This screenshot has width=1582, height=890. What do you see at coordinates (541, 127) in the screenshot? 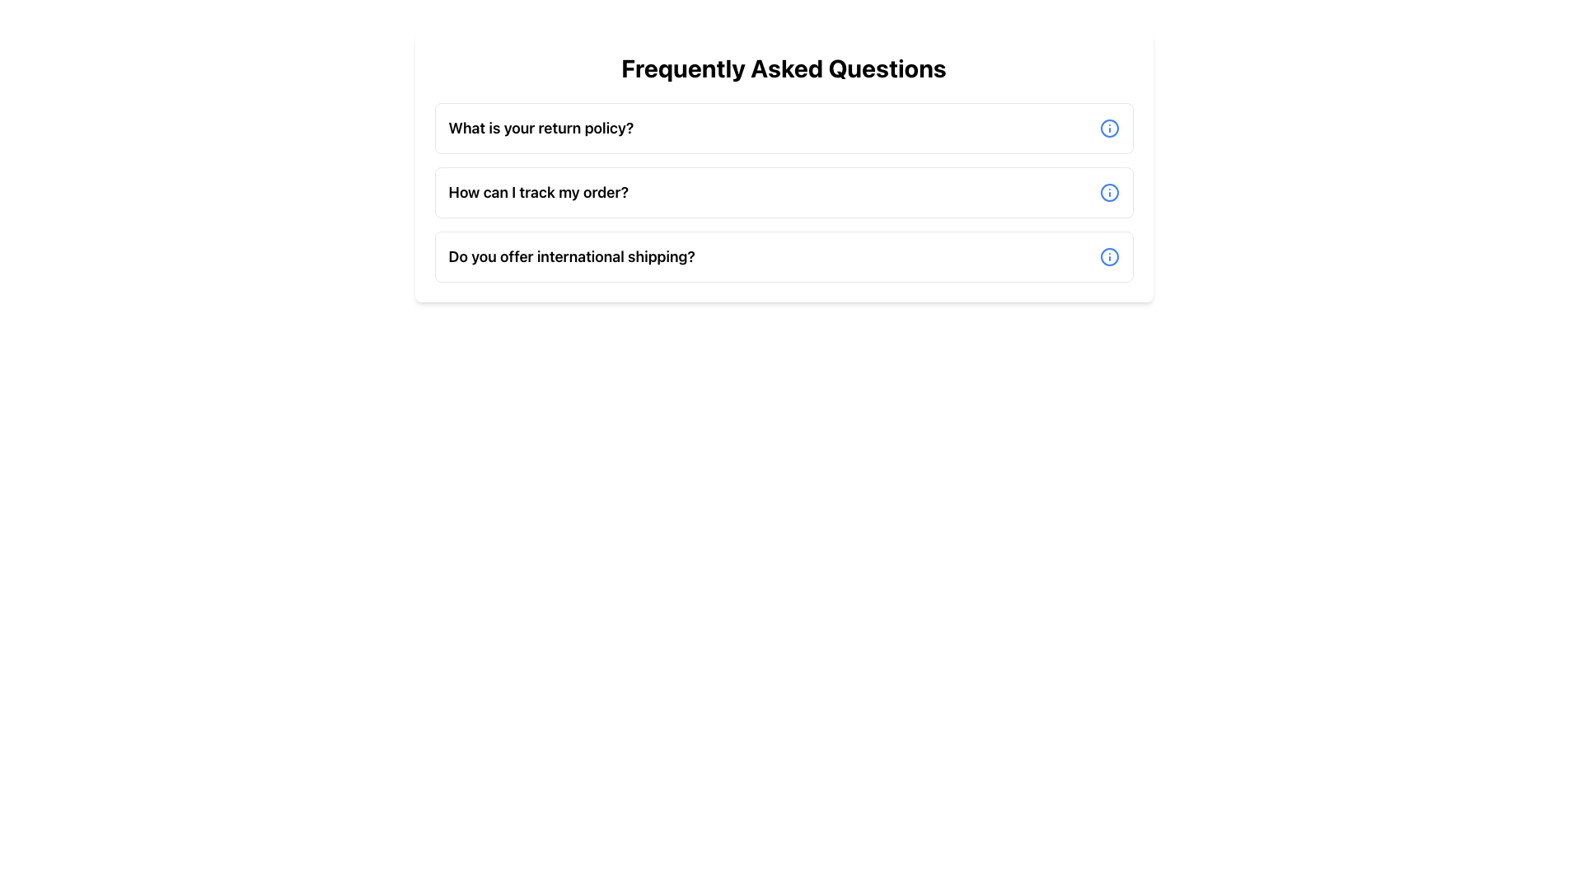
I see `the text element displaying the question 'What is your return policy?' which is prominently styled as a header in the 'Frequently Asked Questions' section` at bounding box center [541, 127].